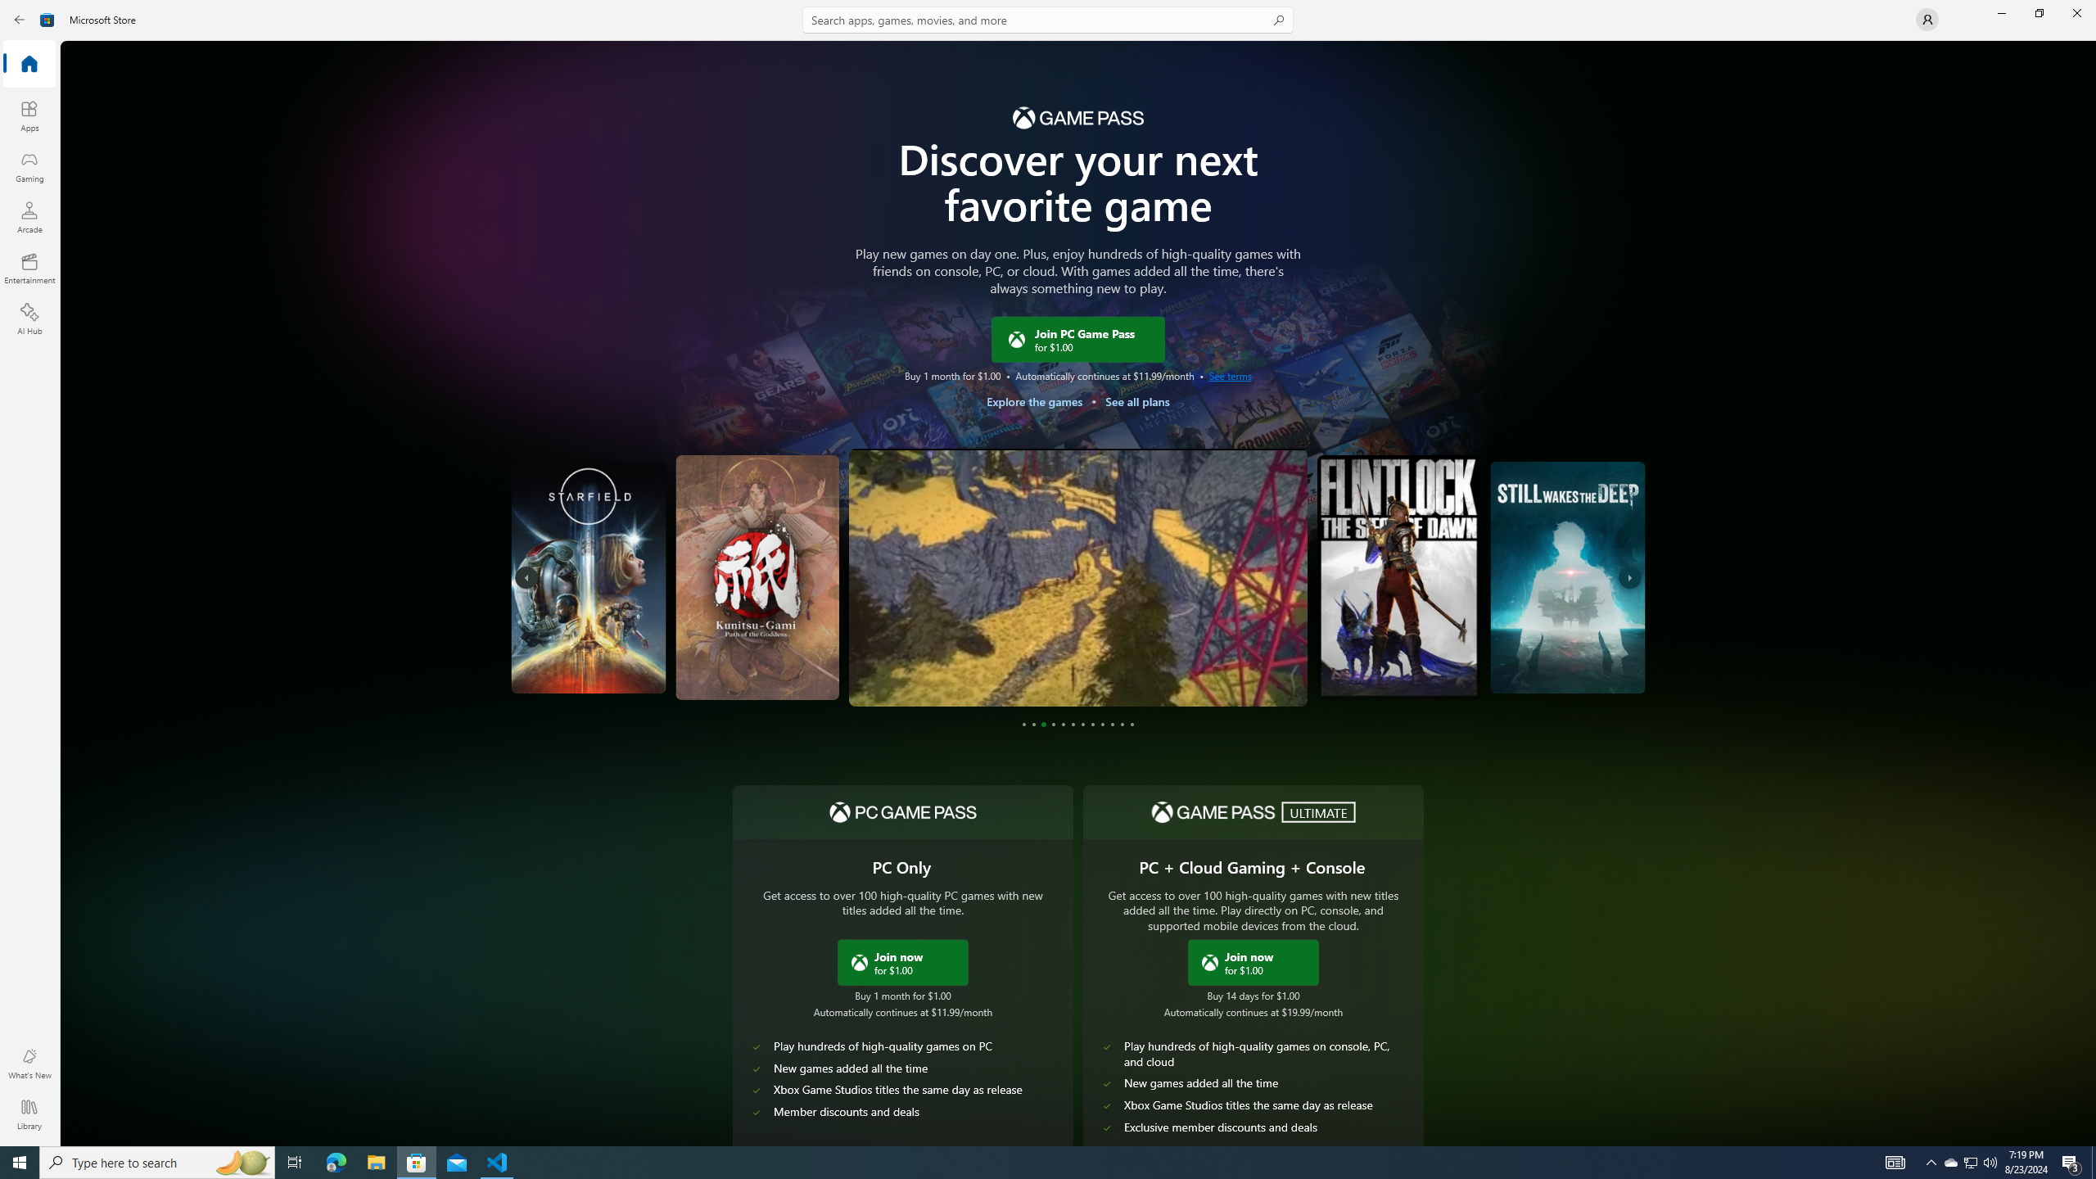  Describe the element at coordinates (1402, 576) in the screenshot. I see `'Flintlock: The Siege of Dawn'` at that location.